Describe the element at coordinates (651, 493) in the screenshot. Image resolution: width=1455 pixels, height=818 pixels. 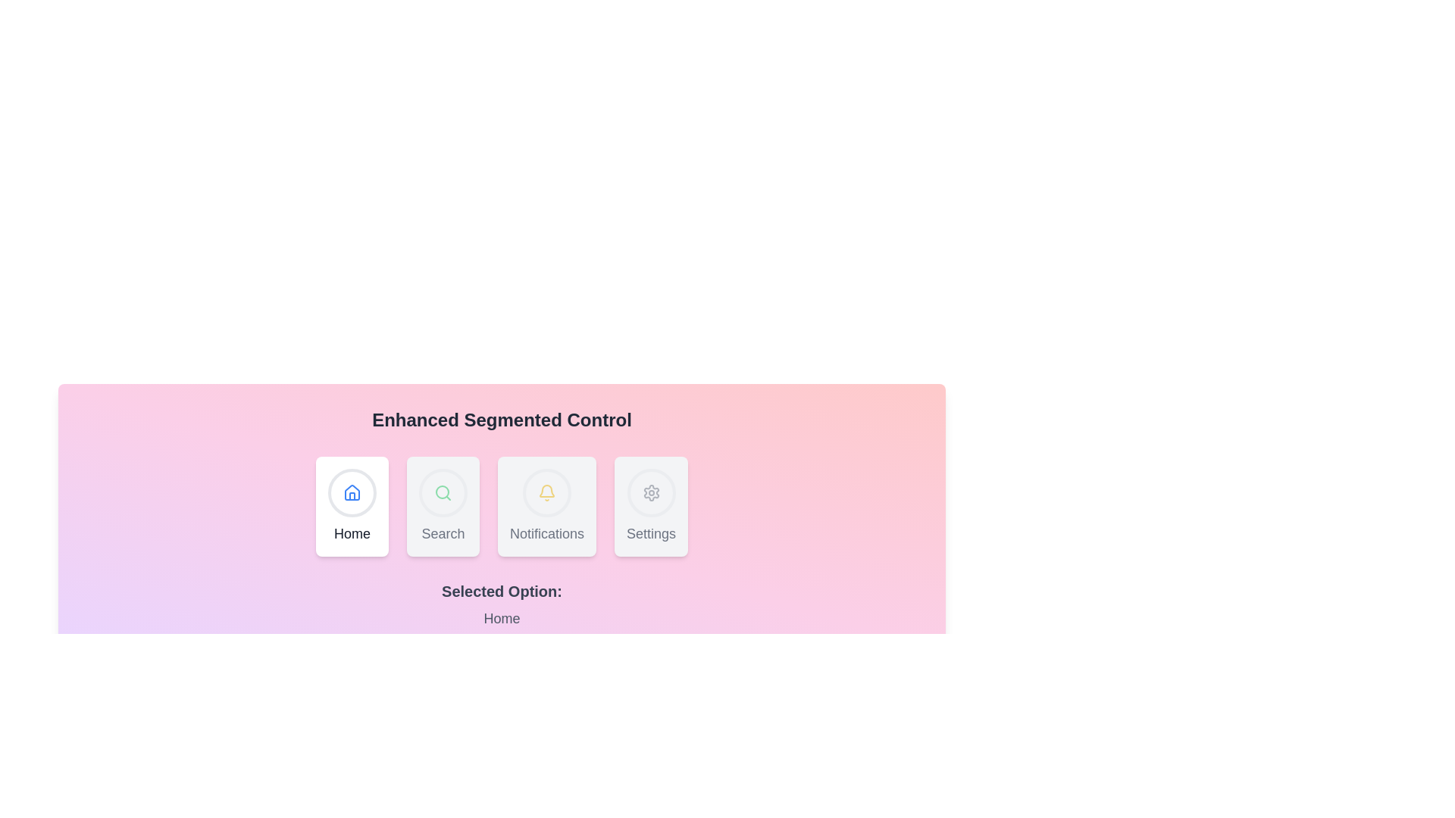
I see `the gear icon within the 'Settings' button, which is the fourth button in the segmented control section below 'Enhanced Segmented Control'` at that location.